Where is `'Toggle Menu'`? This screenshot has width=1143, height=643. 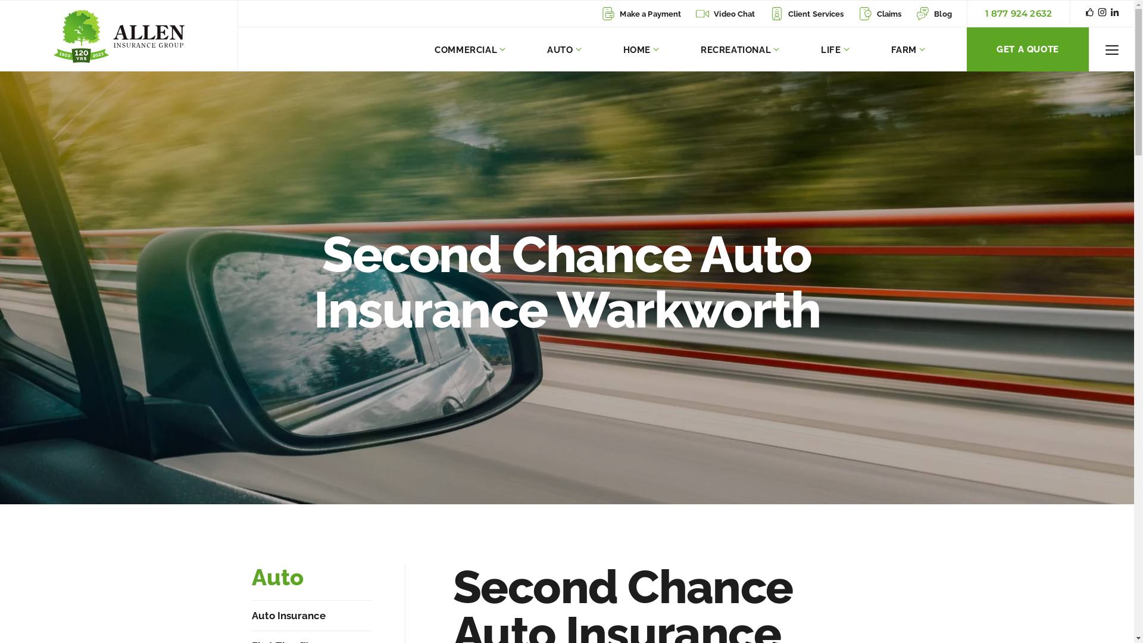 'Toggle Menu' is located at coordinates (1111, 49).